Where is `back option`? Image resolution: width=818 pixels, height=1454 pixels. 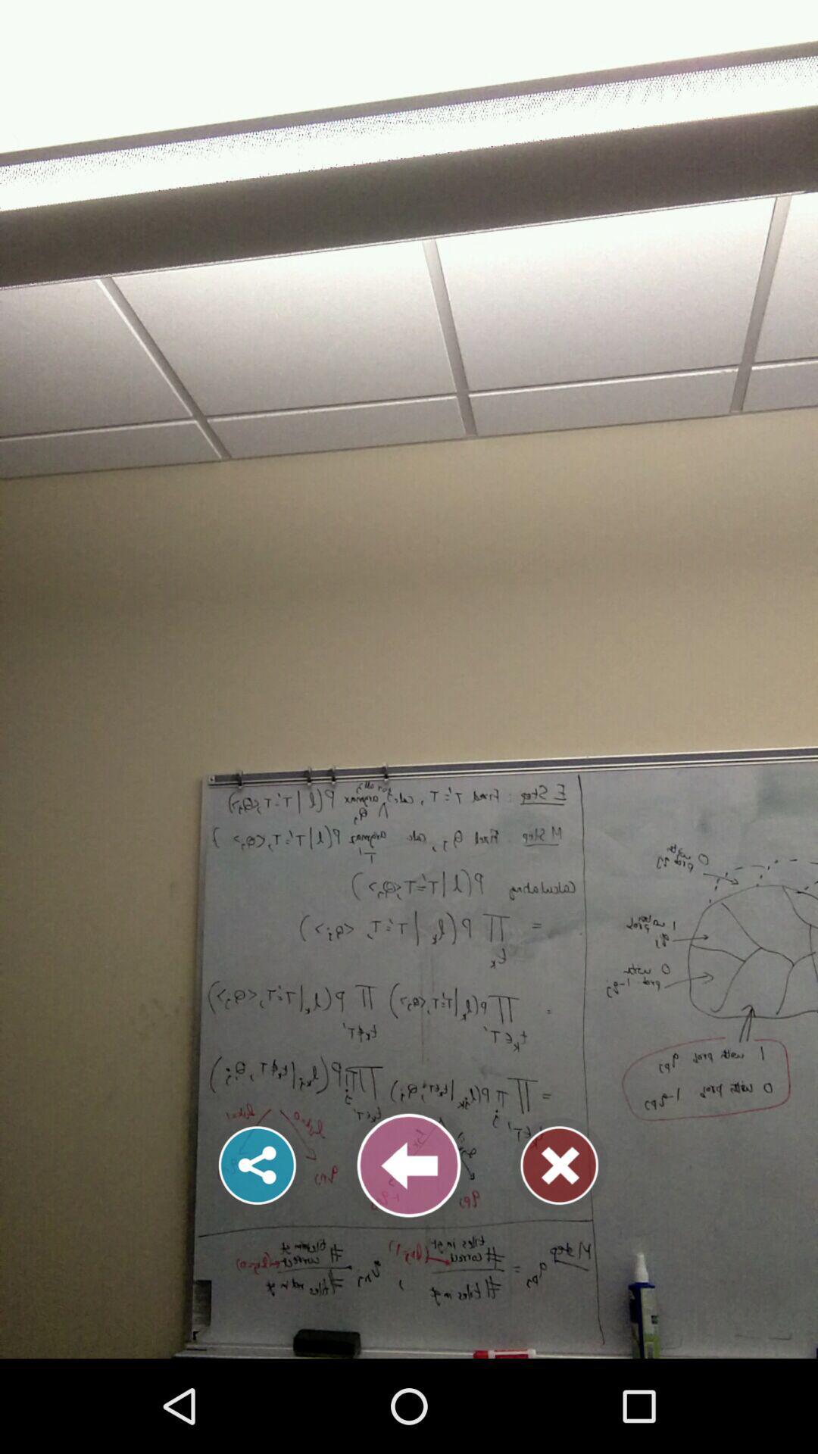 back option is located at coordinates (409, 1165).